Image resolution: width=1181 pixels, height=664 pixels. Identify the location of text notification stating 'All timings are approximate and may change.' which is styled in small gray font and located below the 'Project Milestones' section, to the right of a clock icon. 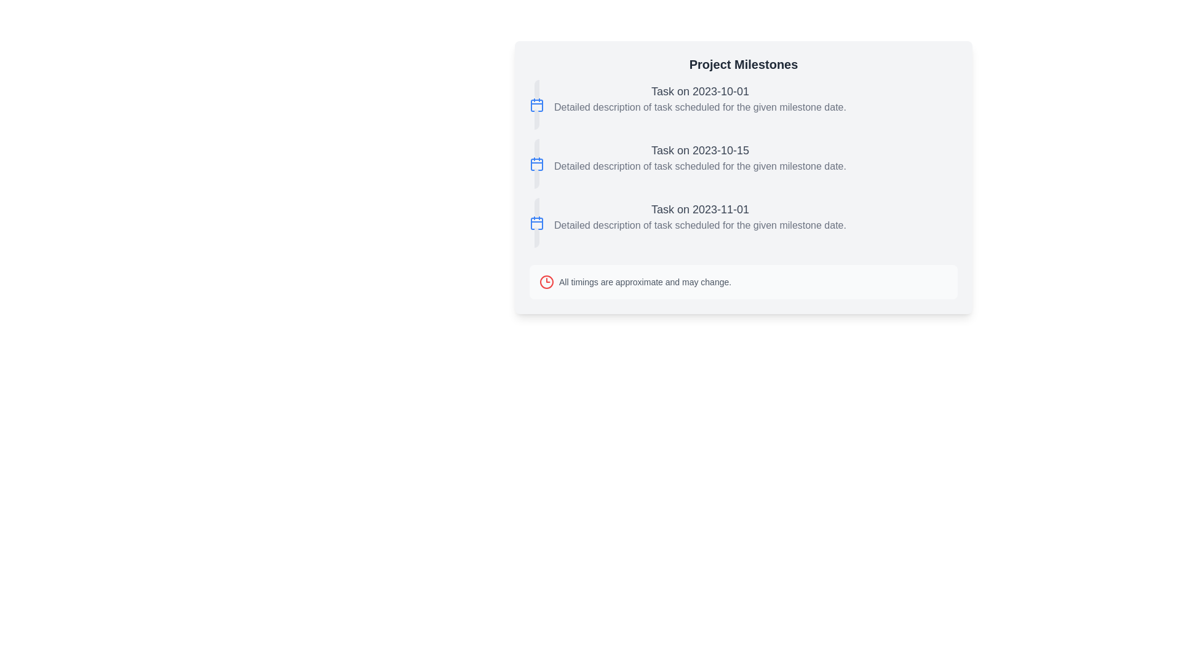
(645, 282).